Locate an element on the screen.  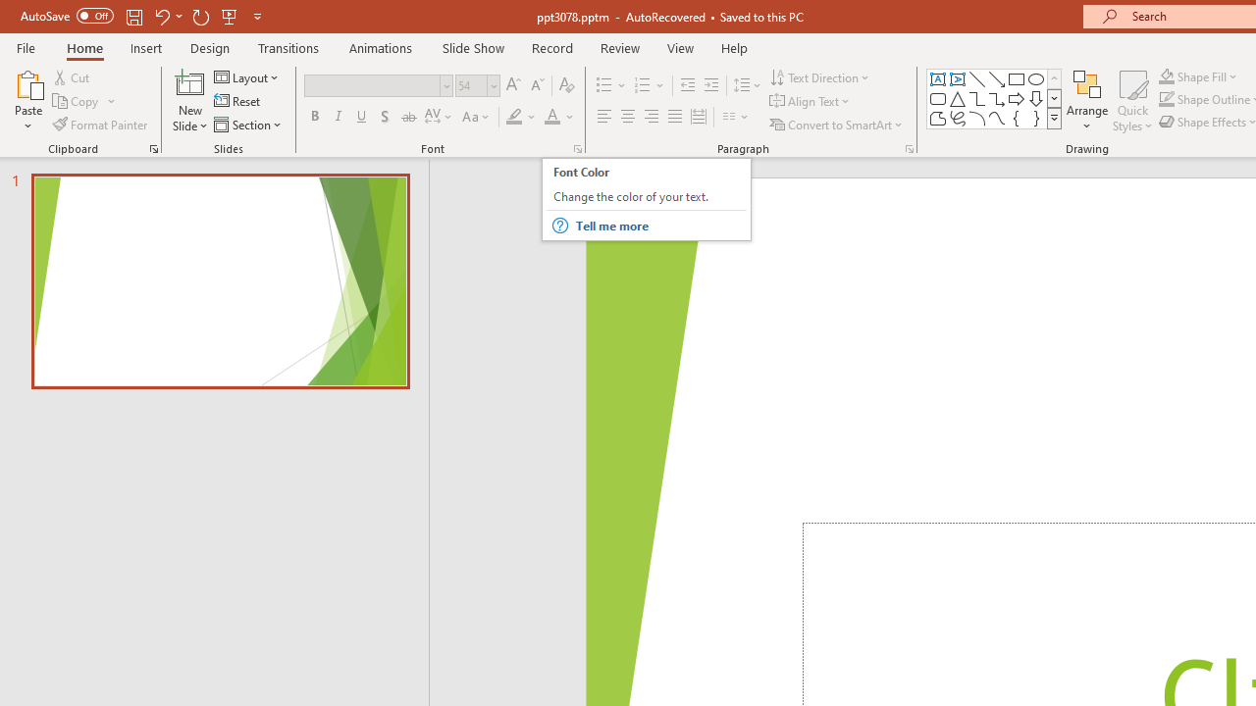
'Section' is located at coordinates (248, 125).